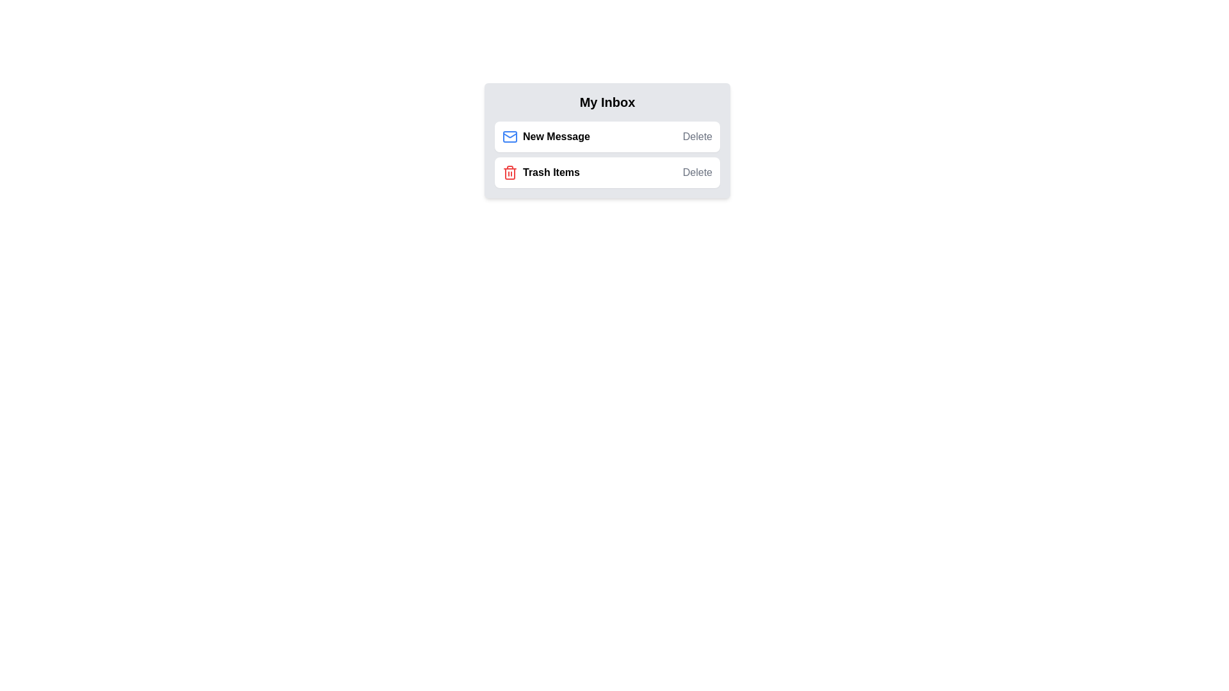 The image size is (1229, 691). What do you see at coordinates (509, 136) in the screenshot?
I see `the 'New Message' icon to view details` at bounding box center [509, 136].